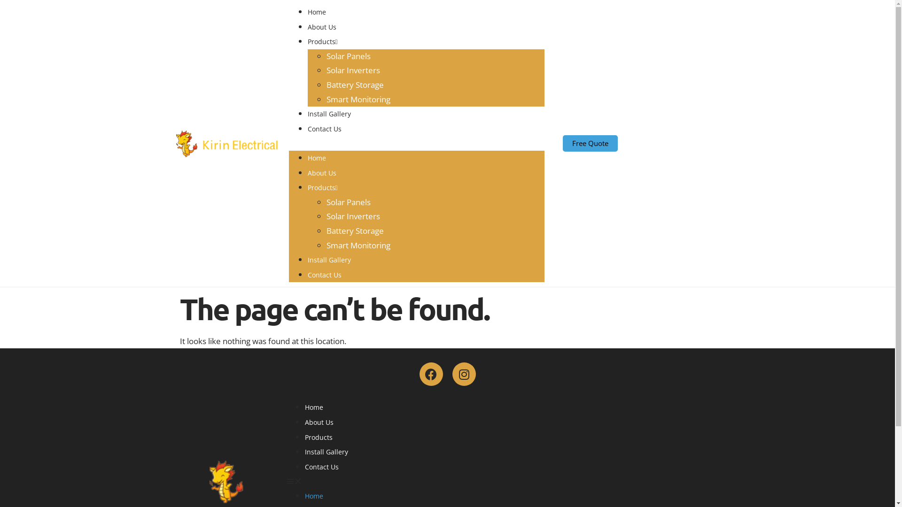 This screenshot has height=507, width=902. What do you see at coordinates (321, 467) in the screenshot?
I see `'Contact Us'` at bounding box center [321, 467].